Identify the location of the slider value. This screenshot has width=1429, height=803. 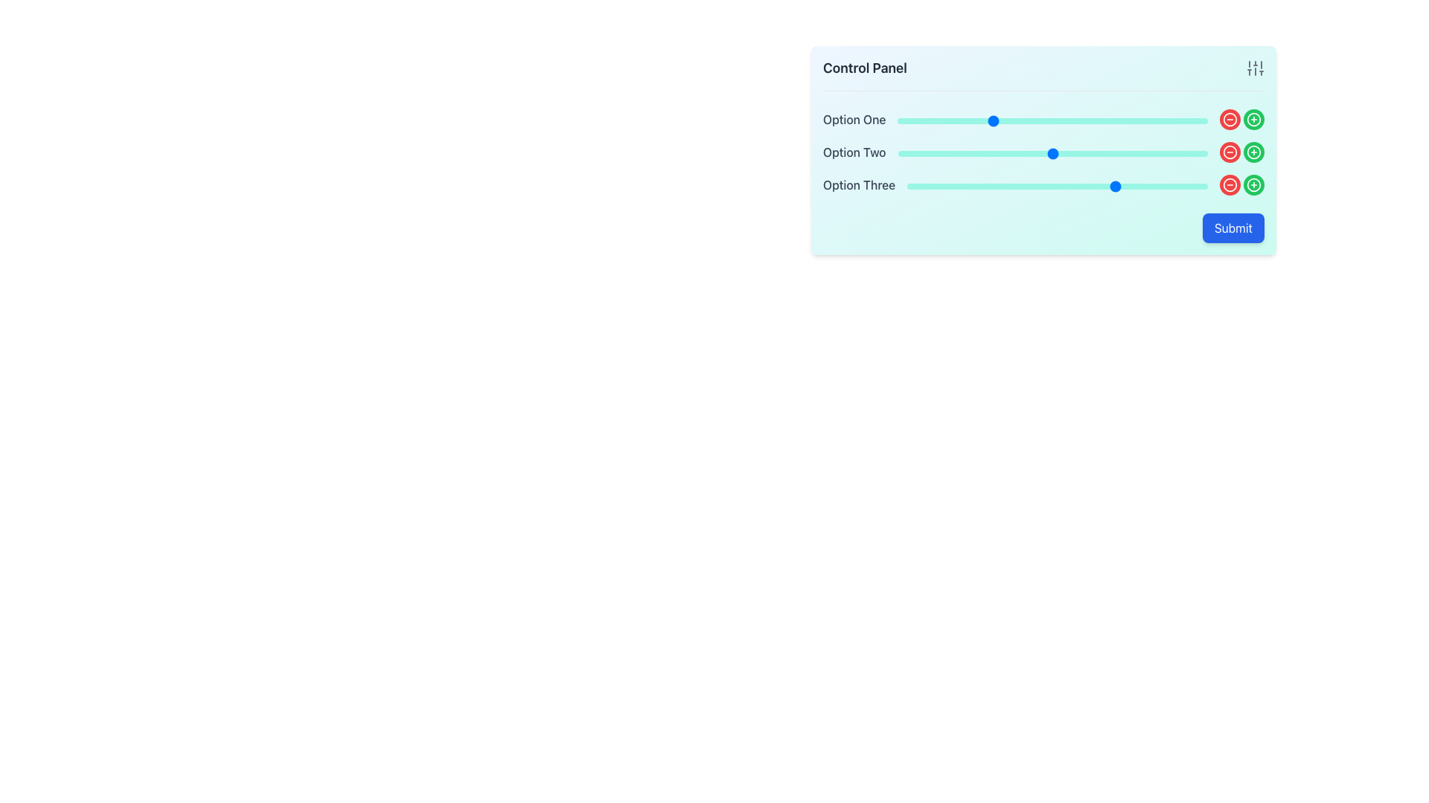
(1117, 185).